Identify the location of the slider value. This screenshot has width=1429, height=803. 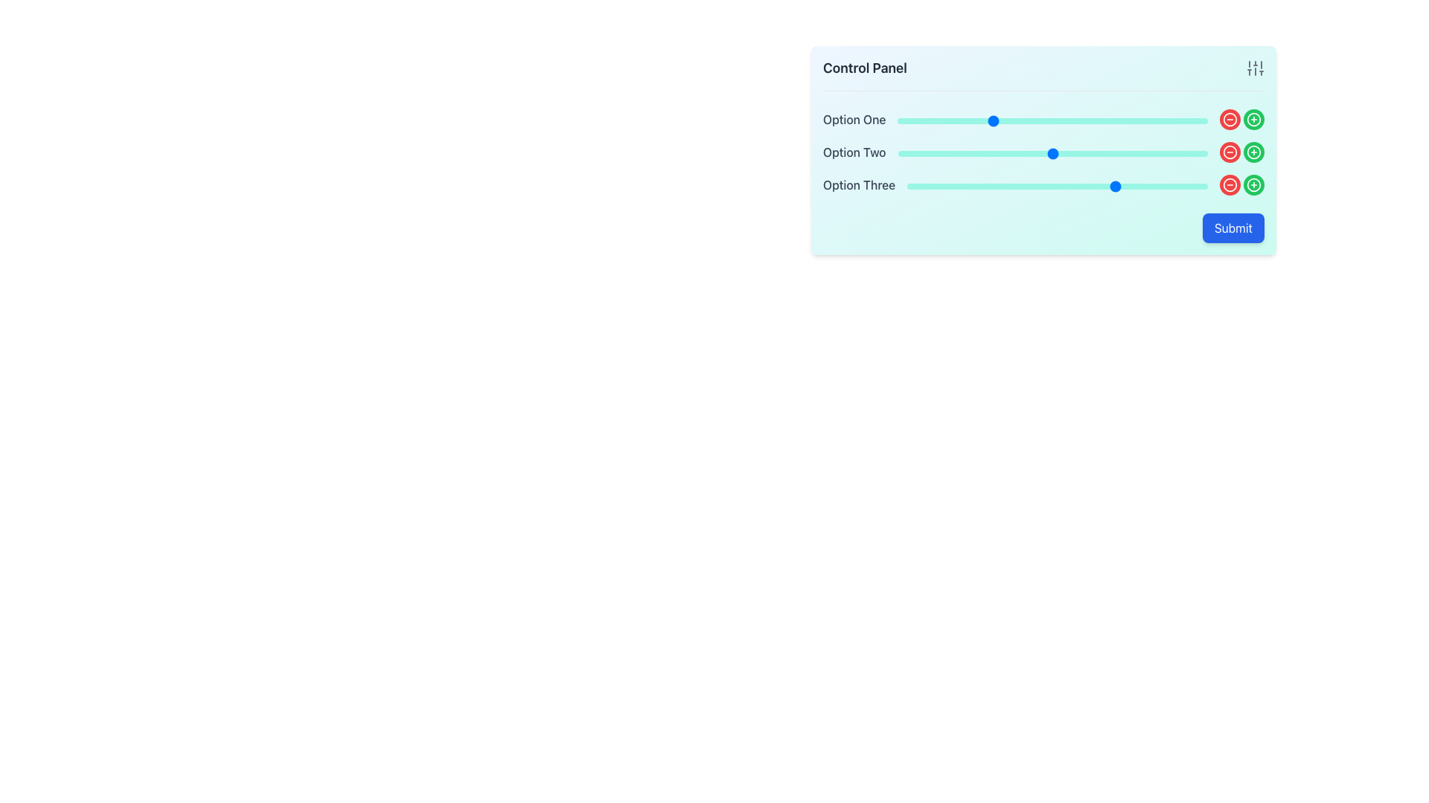
(1117, 185).